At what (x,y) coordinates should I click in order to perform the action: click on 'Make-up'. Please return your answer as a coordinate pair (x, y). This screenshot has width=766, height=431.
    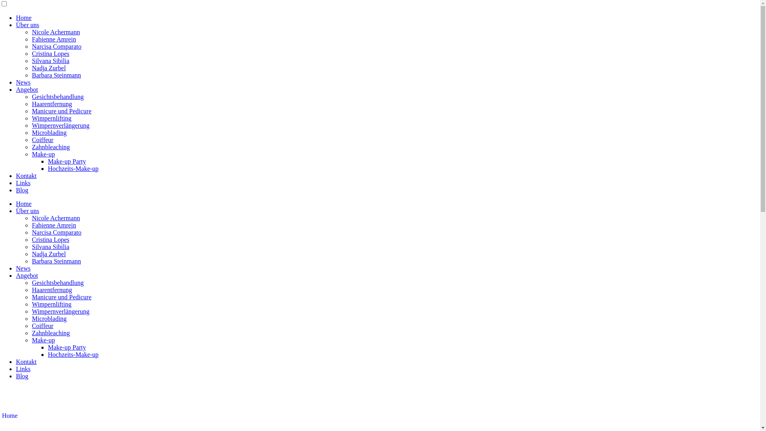
    Looking at the image, I should click on (43, 340).